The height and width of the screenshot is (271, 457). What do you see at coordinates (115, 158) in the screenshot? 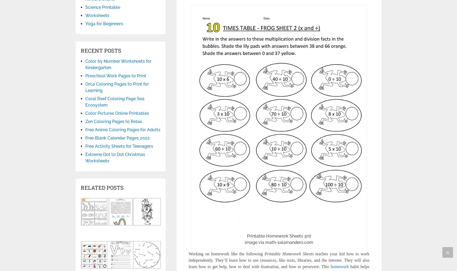
I see `'Extreme Dot to Dot Christmas Worksheets'` at bounding box center [115, 158].